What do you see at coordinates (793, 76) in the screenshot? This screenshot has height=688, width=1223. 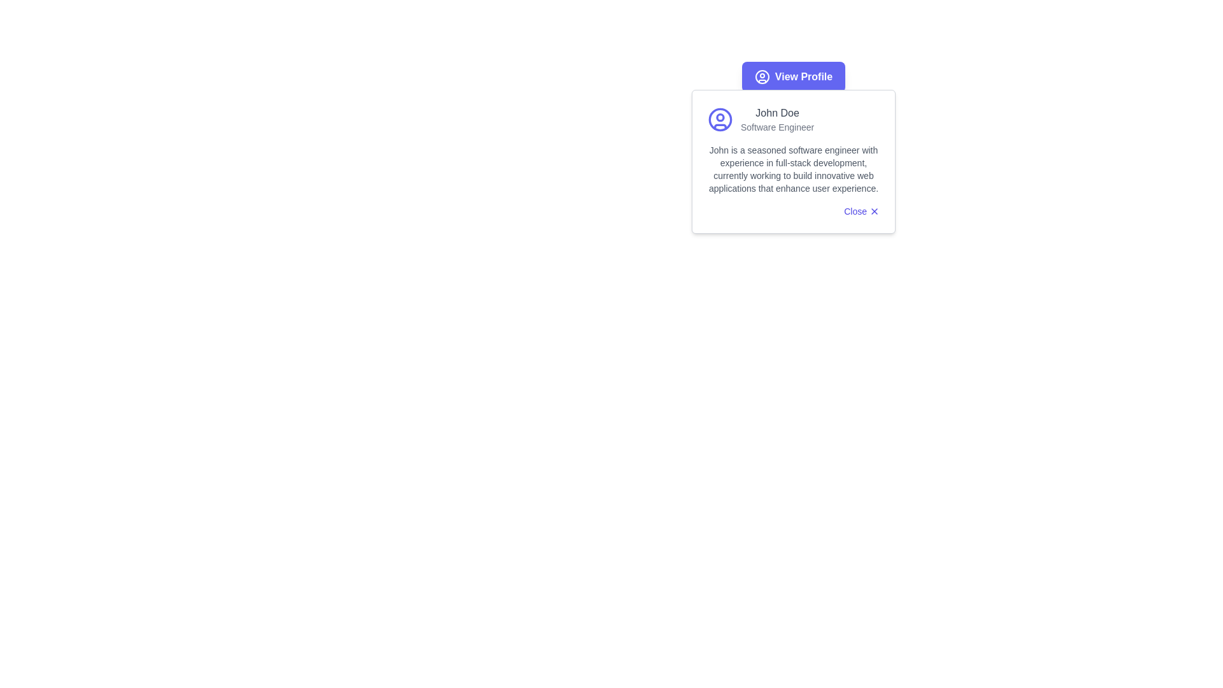 I see `the vivid indigo 'View Profile' button with a white user profile icon` at bounding box center [793, 76].